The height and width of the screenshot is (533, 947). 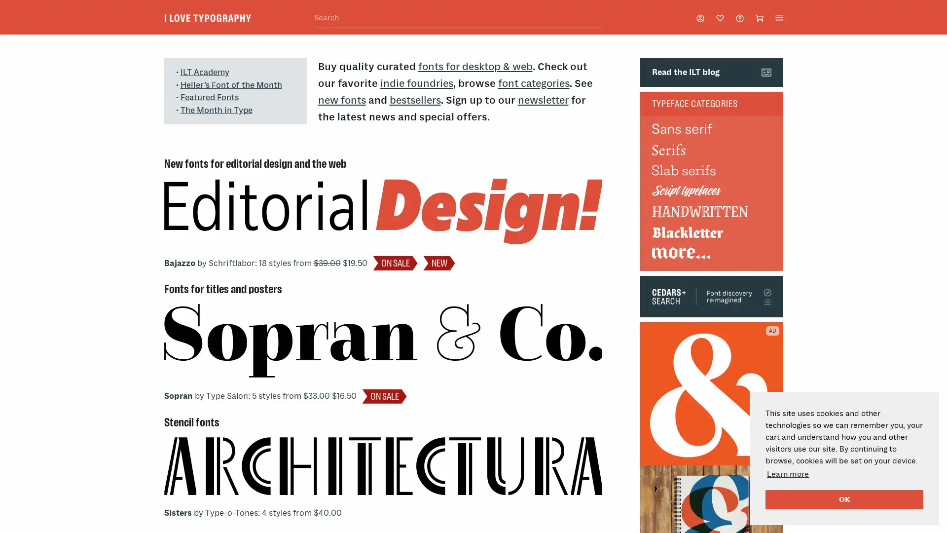 What do you see at coordinates (778, 17) in the screenshot?
I see `Menu` at bounding box center [778, 17].